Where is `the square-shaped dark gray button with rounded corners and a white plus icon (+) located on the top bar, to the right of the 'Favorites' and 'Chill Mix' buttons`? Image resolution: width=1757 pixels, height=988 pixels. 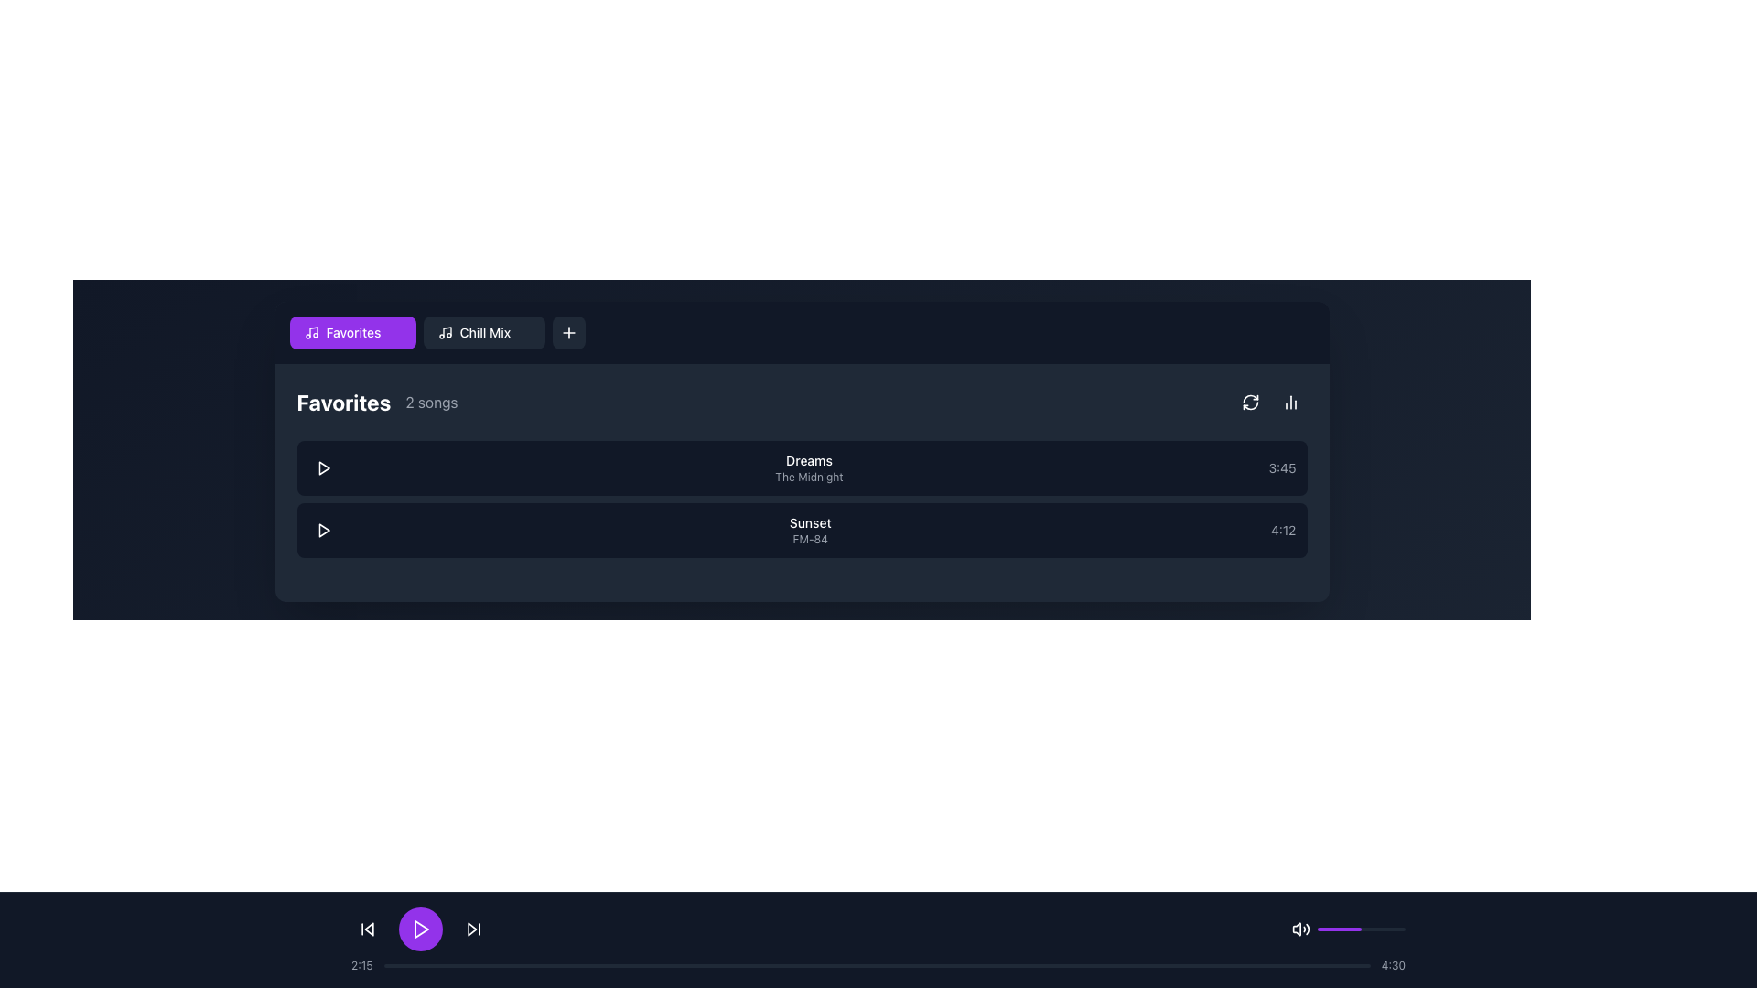
the square-shaped dark gray button with rounded corners and a white plus icon (+) located on the top bar, to the right of the 'Favorites' and 'Chill Mix' buttons is located at coordinates (568, 332).